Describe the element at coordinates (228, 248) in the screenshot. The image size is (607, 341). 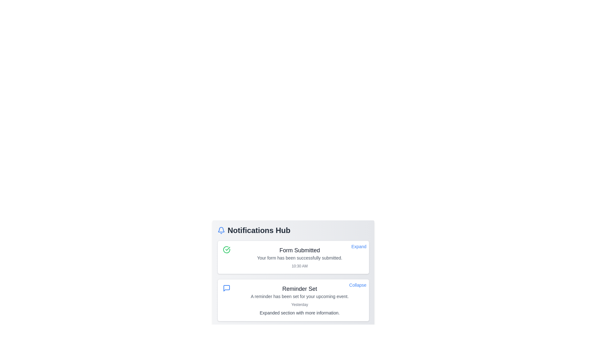
I see `the visual indicator icon located within the top notification card, to the left of the title text 'Form Submitted'` at that location.